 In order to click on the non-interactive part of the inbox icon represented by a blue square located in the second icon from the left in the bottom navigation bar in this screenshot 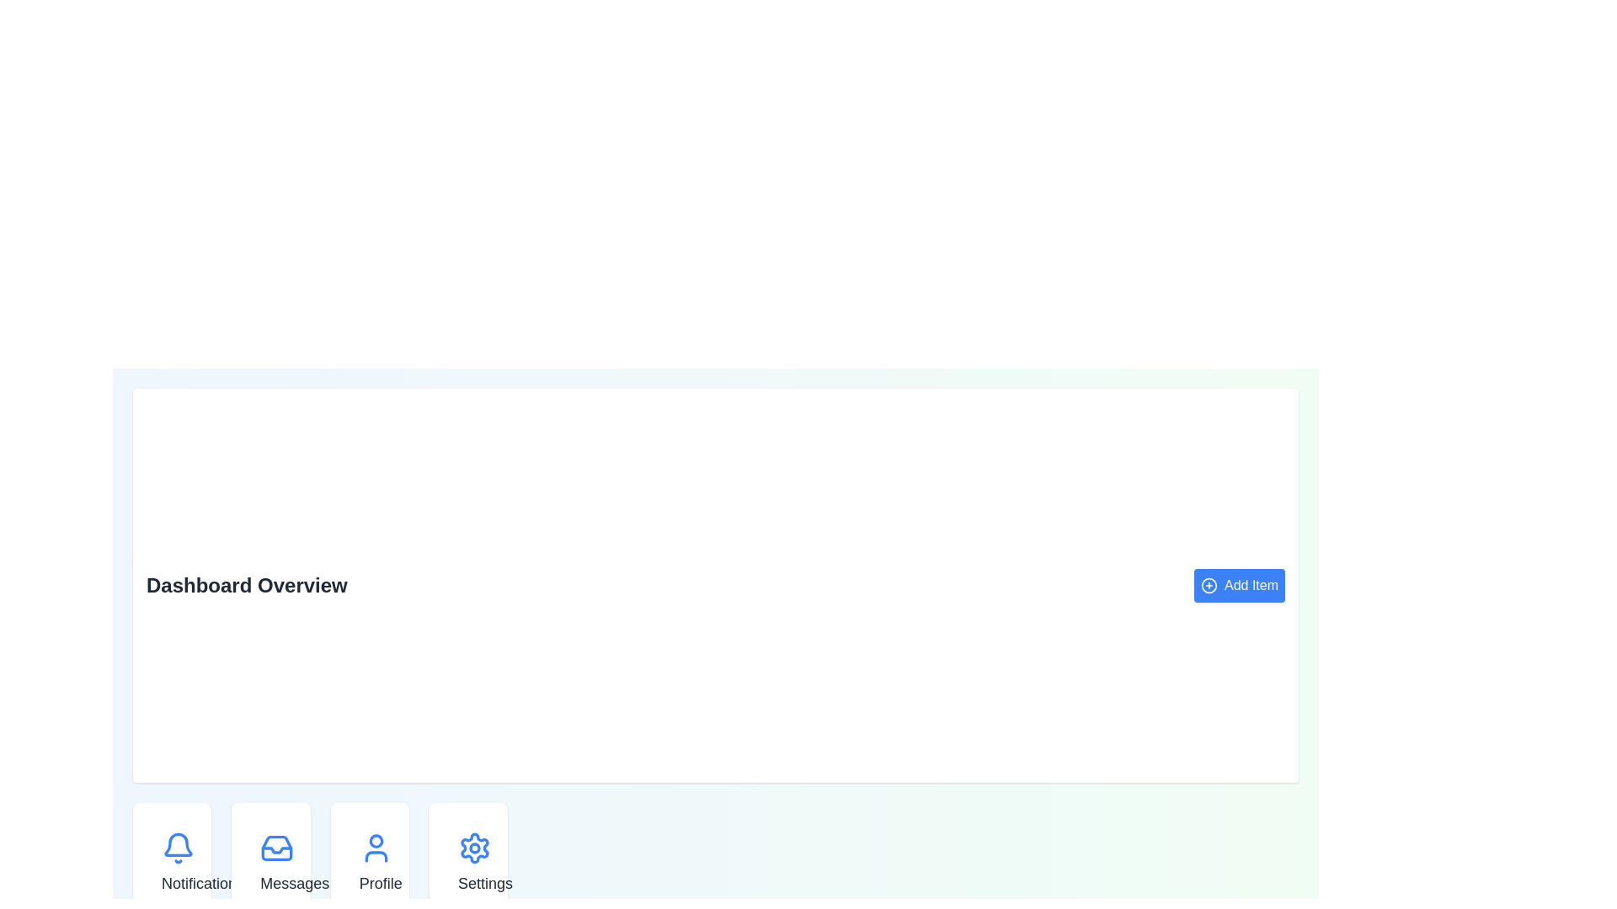, I will do `click(277, 848)`.